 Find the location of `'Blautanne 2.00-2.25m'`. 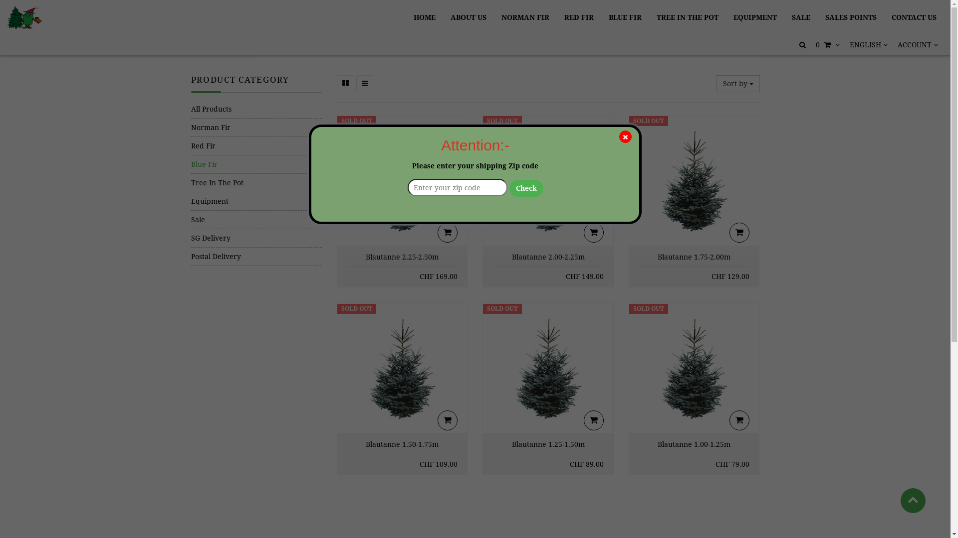

'Blautanne 2.00-2.25m' is located at coordinates (548, 257).